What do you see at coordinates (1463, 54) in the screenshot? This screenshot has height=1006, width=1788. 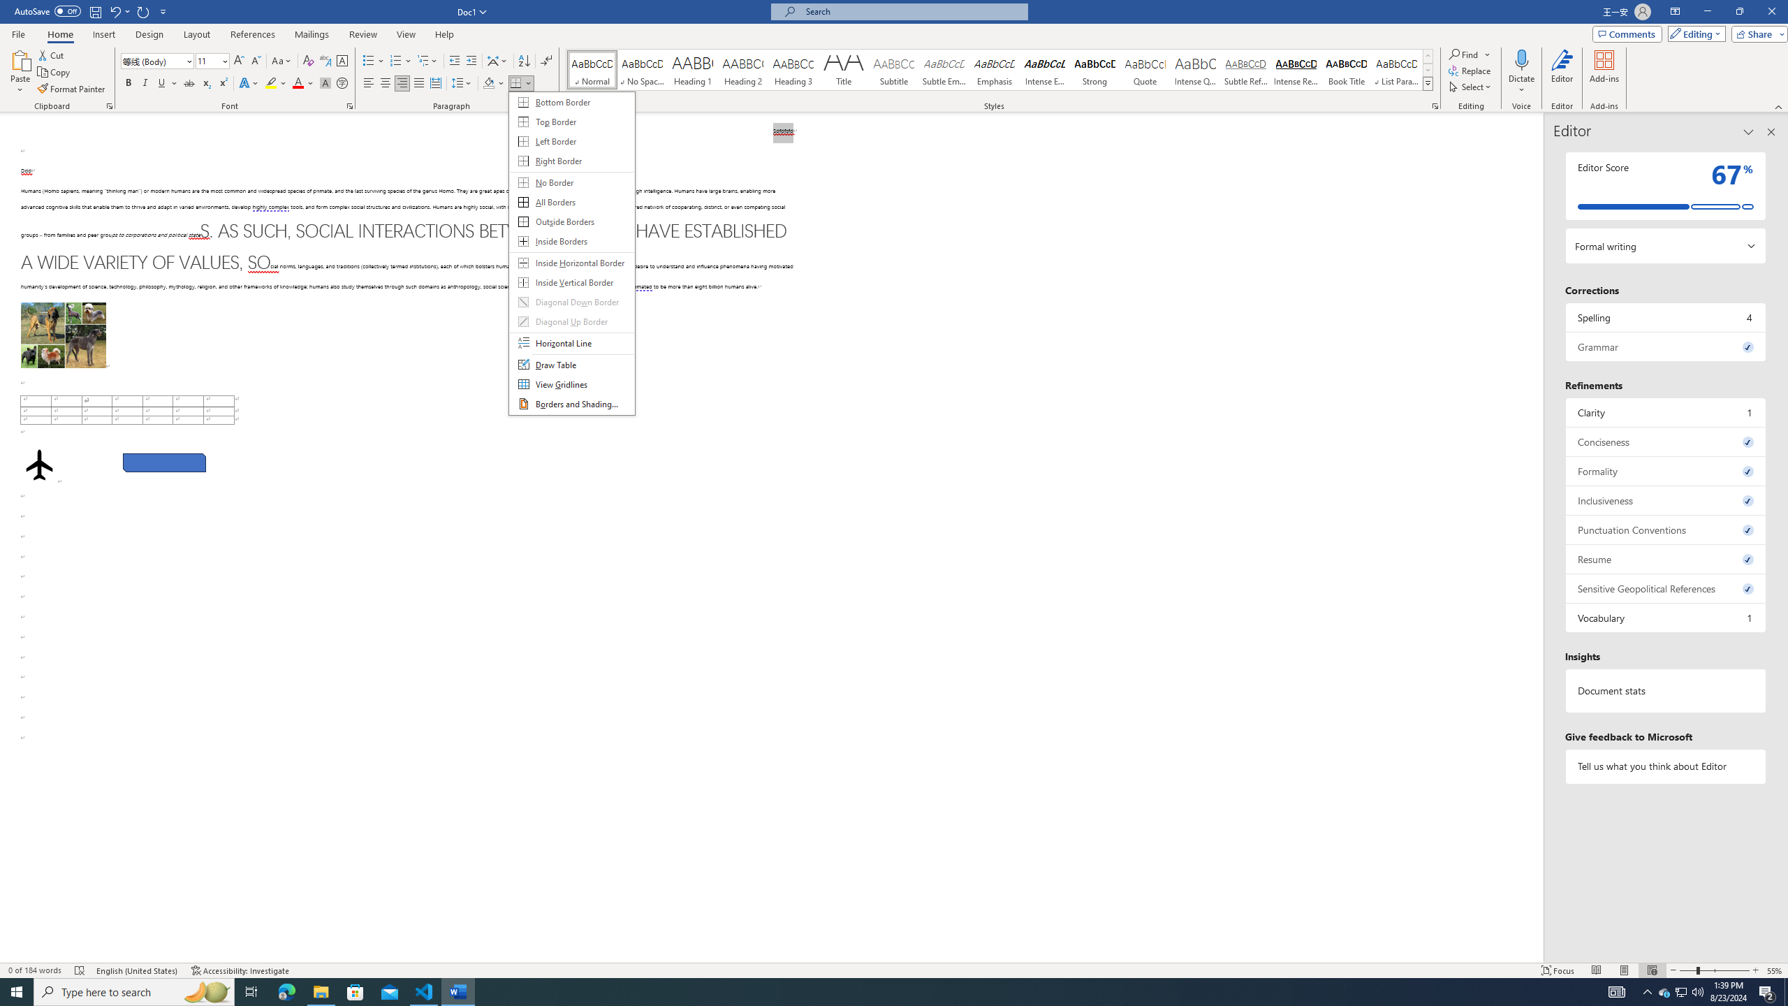 I see `'Find'` at bounding box center [1463, 54].